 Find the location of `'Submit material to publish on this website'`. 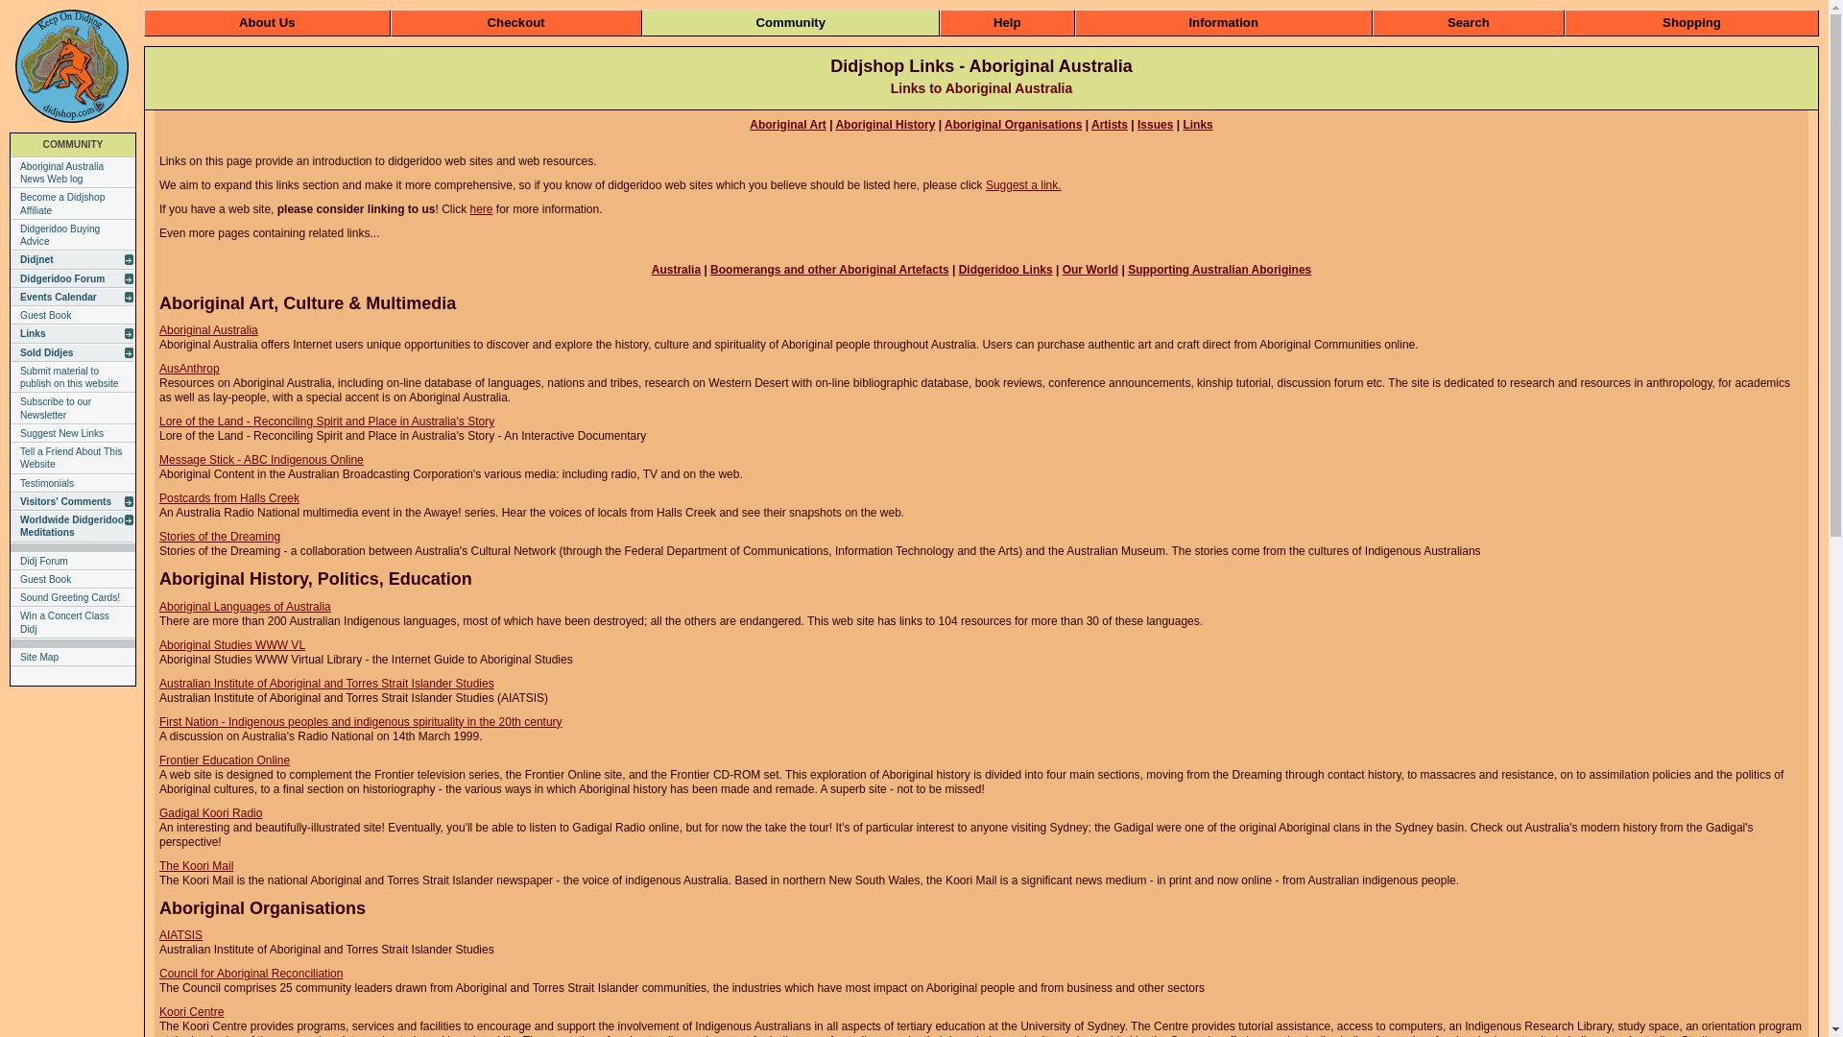

'Submit material to publish on this website' is located at coordinates (73, 377).